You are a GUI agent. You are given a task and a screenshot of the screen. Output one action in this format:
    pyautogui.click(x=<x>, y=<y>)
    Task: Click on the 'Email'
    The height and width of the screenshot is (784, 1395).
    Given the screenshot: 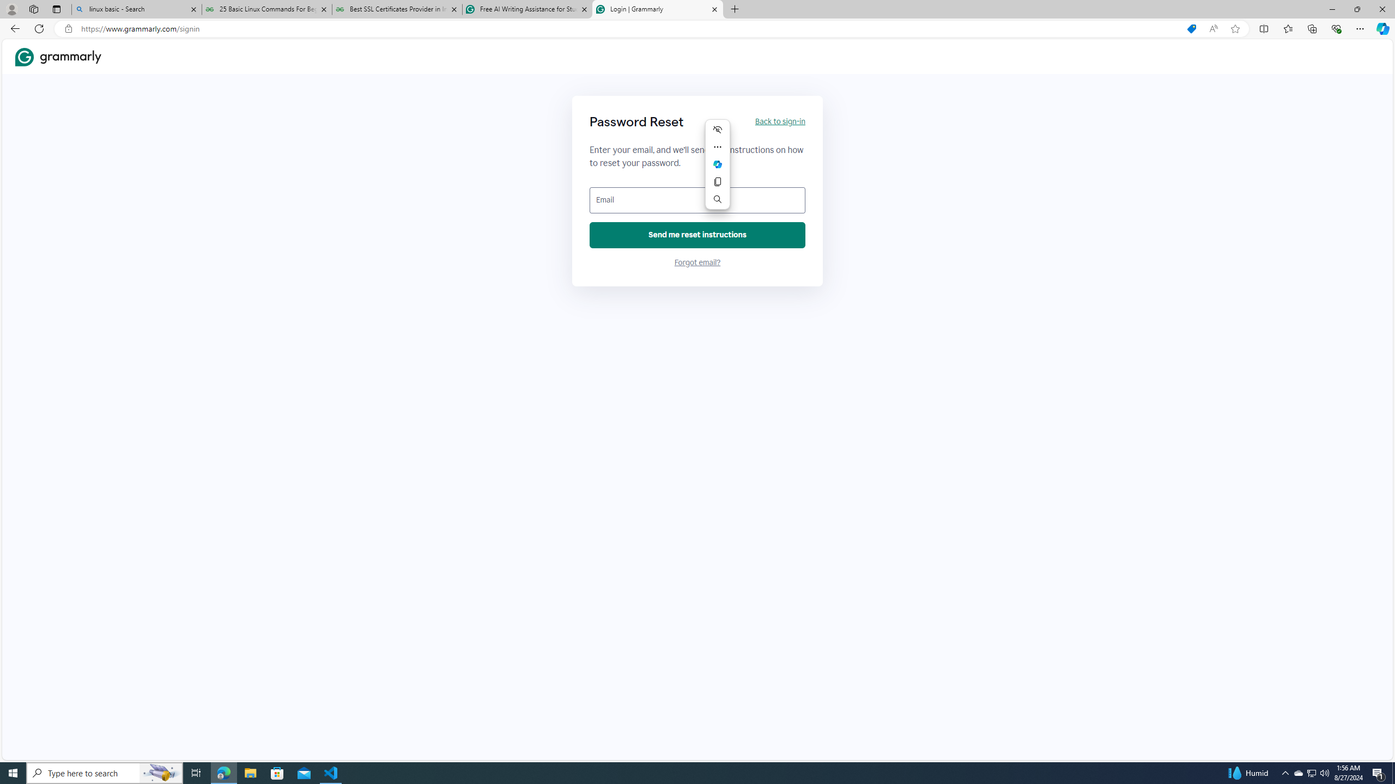 What is the action you would take?
    pyautogui.click(x=697, y=200)
    